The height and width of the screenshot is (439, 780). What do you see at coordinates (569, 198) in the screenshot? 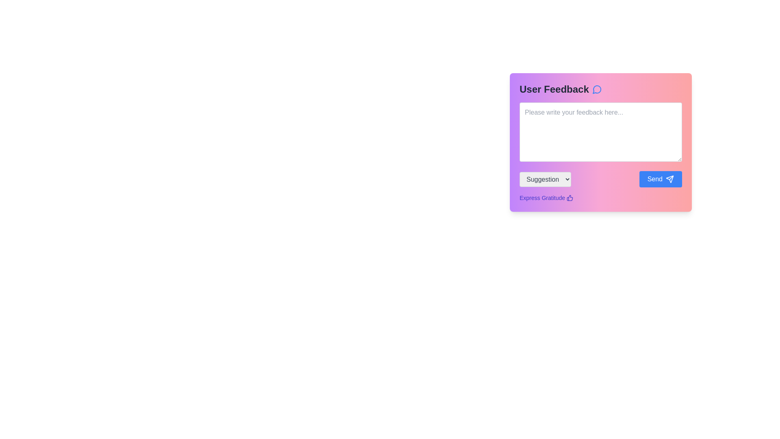
I see `the approval icon located in the bottom-right portion of the feedback form to register approval` at bounding box center [569, 198].